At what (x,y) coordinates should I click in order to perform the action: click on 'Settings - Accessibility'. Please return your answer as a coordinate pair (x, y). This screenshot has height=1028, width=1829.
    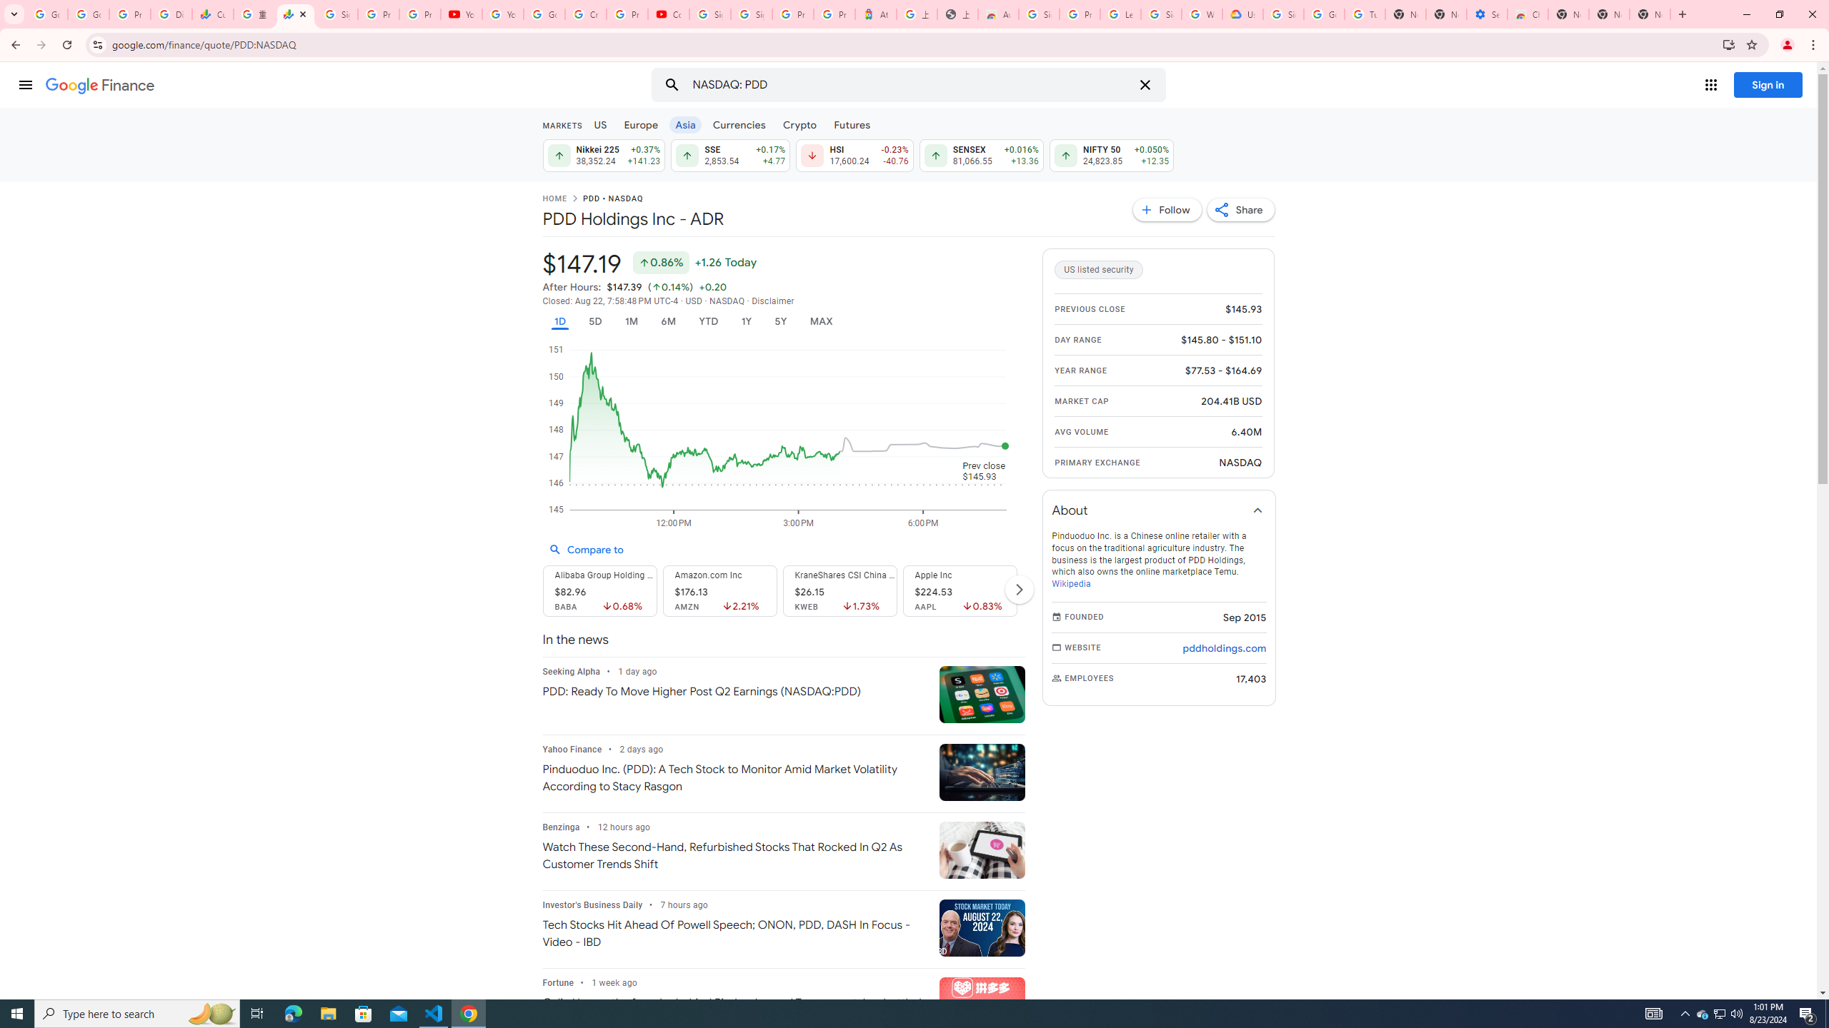
    Looking at the image, I should click on (1486, 14).